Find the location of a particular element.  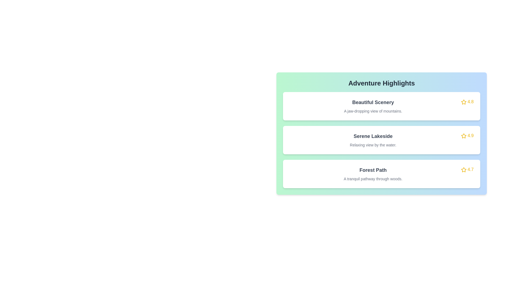

the list item Serene Lakeside to observe its hover effect is located at coordinates (381, 140).